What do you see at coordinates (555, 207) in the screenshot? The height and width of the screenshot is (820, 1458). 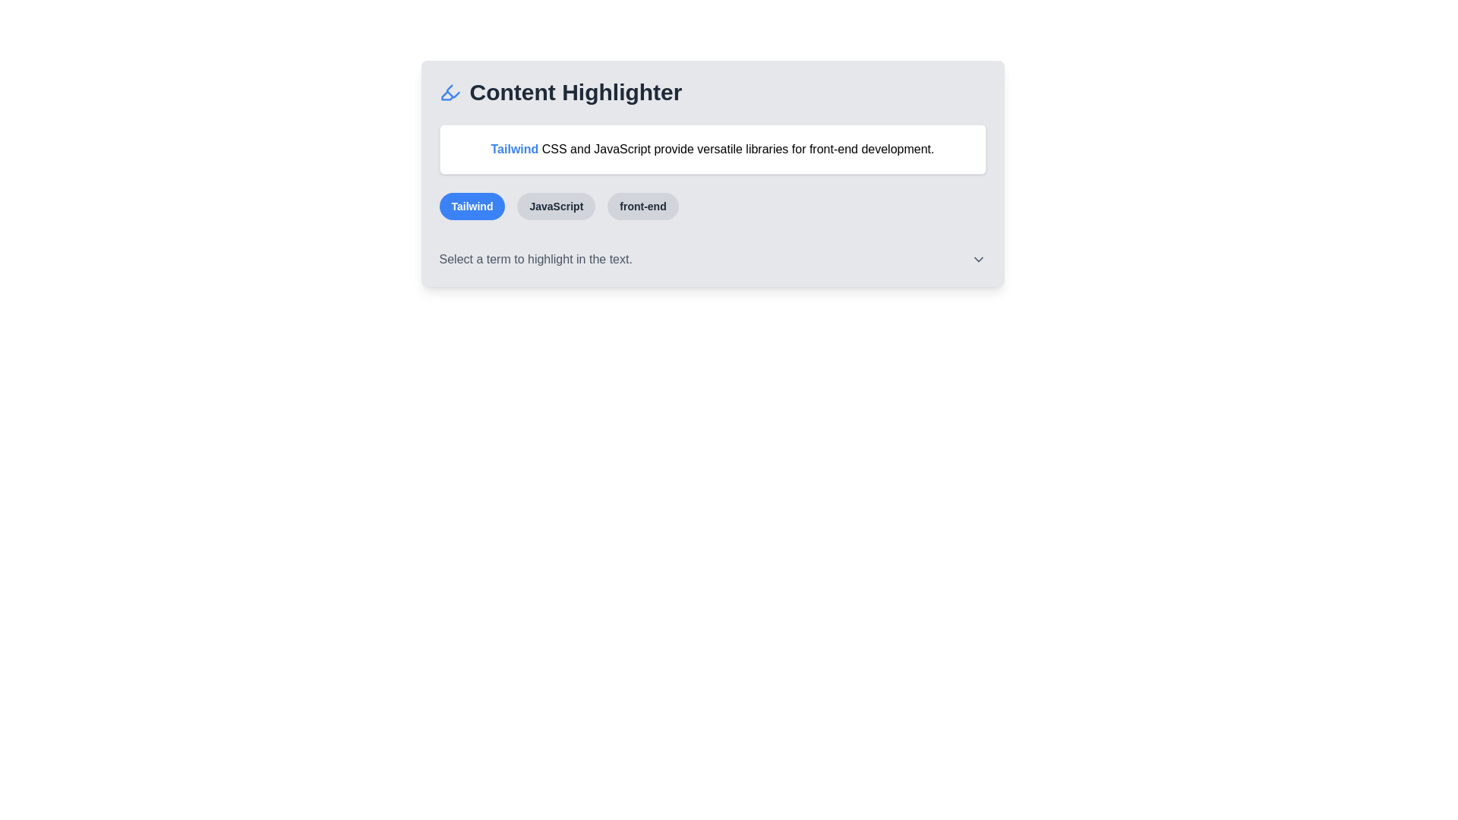 I see `the pill-shaped button labeled 'JavaScript' with a light gray background and dark gray text` at bounding box center [555, 207].